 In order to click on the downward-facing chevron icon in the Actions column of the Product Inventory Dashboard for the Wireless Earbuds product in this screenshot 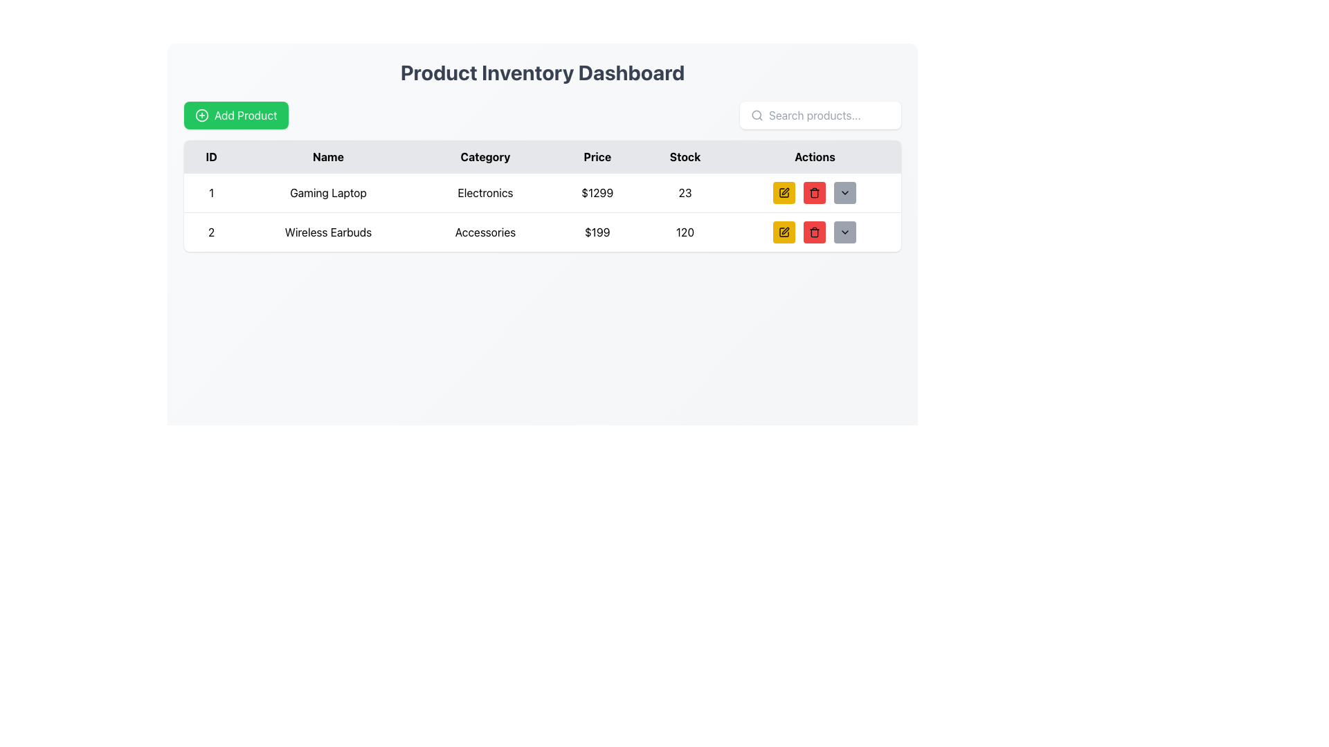, I will do `click(844, 231)`.